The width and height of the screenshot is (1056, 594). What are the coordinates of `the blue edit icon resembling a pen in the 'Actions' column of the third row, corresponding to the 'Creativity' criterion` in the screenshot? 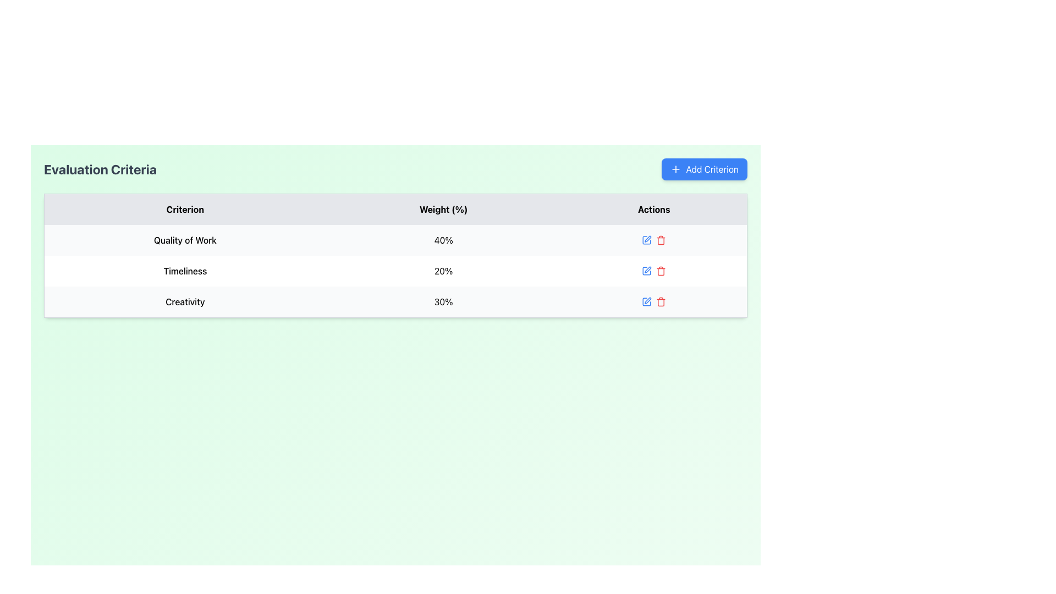 It's located at (647, 301).